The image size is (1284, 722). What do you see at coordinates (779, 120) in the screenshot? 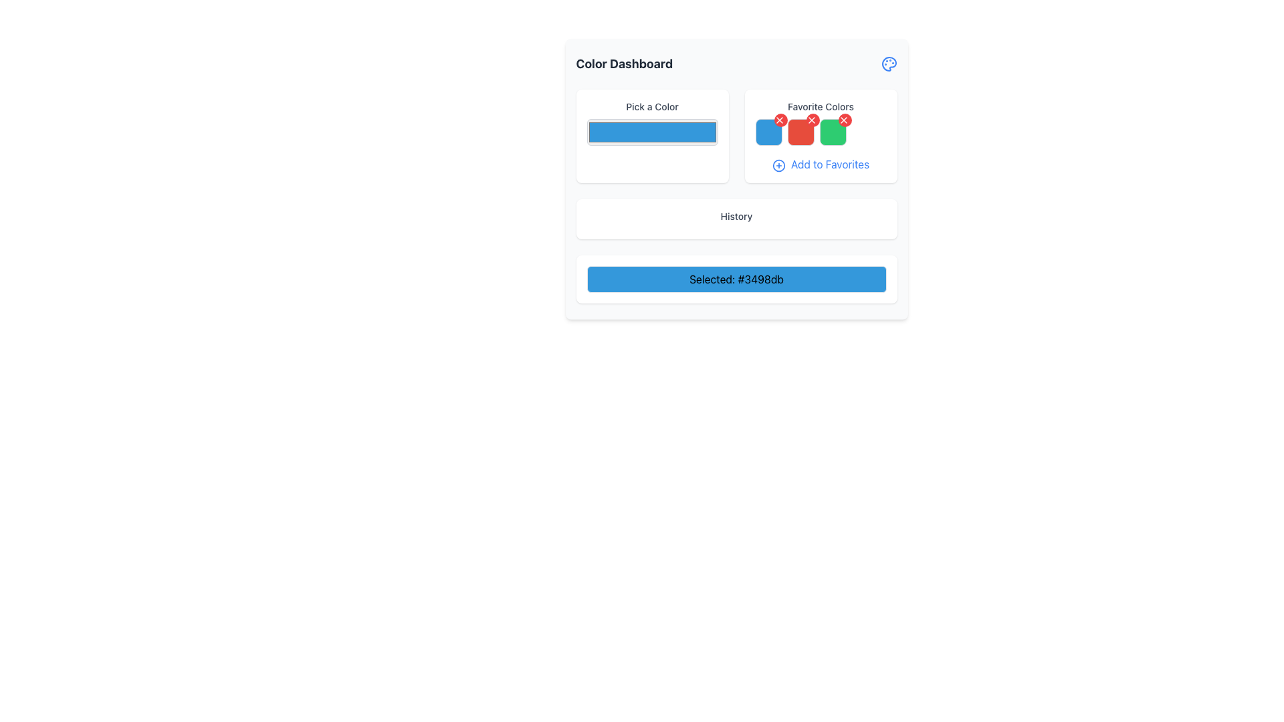
I see `the Delete Button Icon, which is a circular icon with a red background and a white 'X' symbol, located over the blue color card in the favorites section of the dashboard` at bounding box center [779, 120].